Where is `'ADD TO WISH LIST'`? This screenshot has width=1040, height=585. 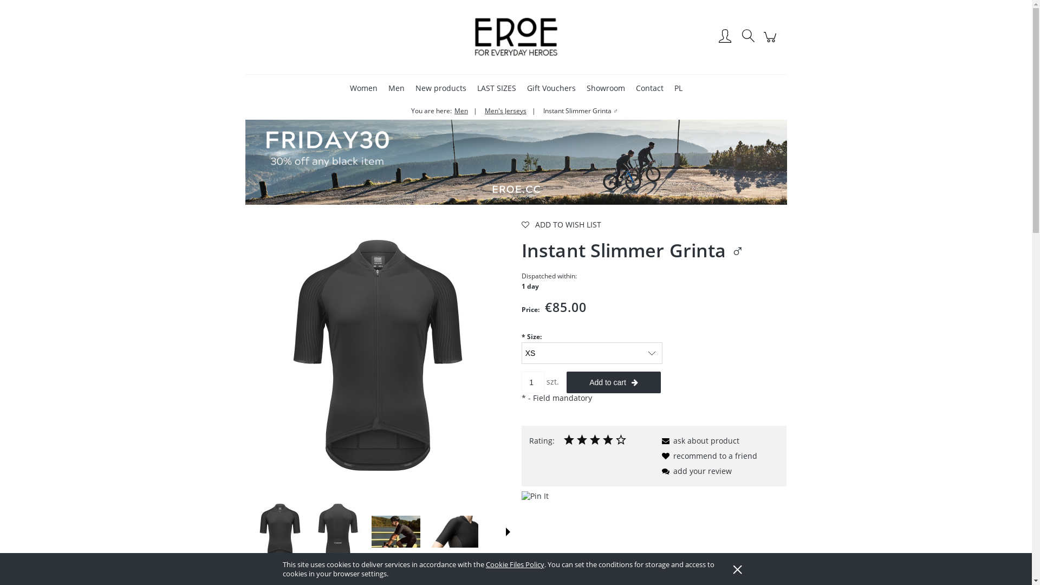
'ADD TO WISH LIST' is located at coordinates (522, 224).